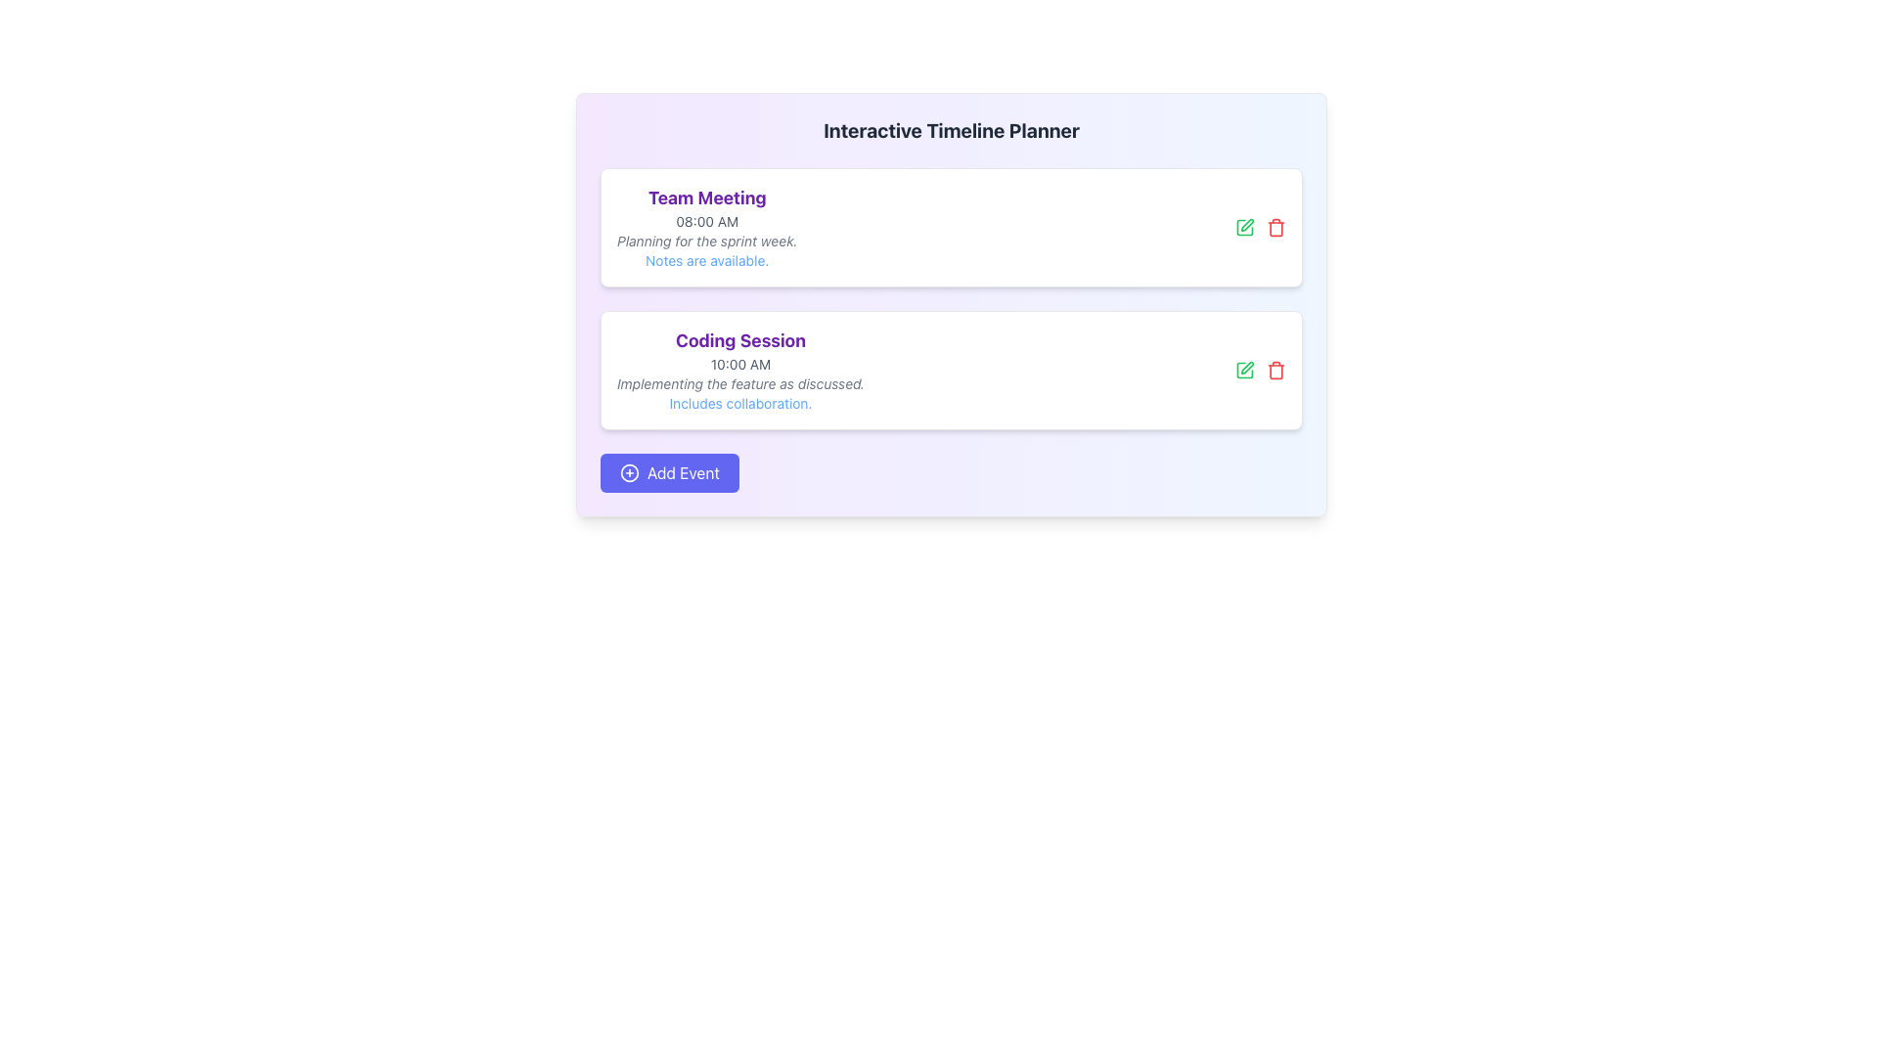 Image resolution: width=1878 pixels, height=1056 pixels. What do you see at coordinates (1261, 370) in the screenshot?
I see `the trash icon located in the bottom-right corner of the 'Coding Session' card` at bounding box center [1261, 370].